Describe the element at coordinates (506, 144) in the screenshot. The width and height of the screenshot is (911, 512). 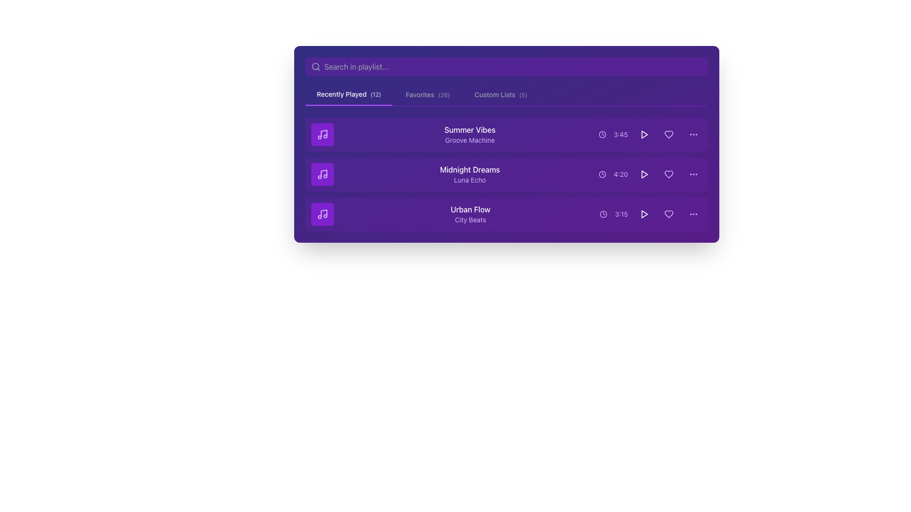
I see `the play button on the music entry 'Summer Vibes' by Groove Machine` at that location.